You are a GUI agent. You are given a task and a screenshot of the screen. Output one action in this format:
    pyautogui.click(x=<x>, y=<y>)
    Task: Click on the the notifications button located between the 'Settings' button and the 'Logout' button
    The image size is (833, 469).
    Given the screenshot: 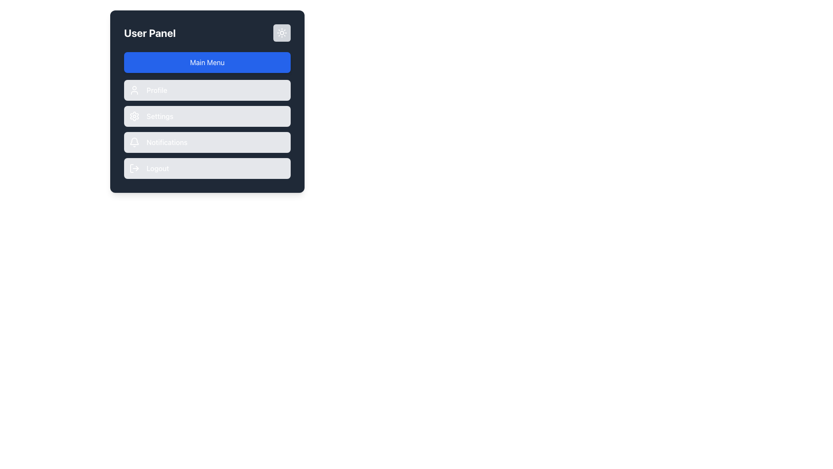 What is the action you would take?
    pyautogui.click(x=207, y=142)
    